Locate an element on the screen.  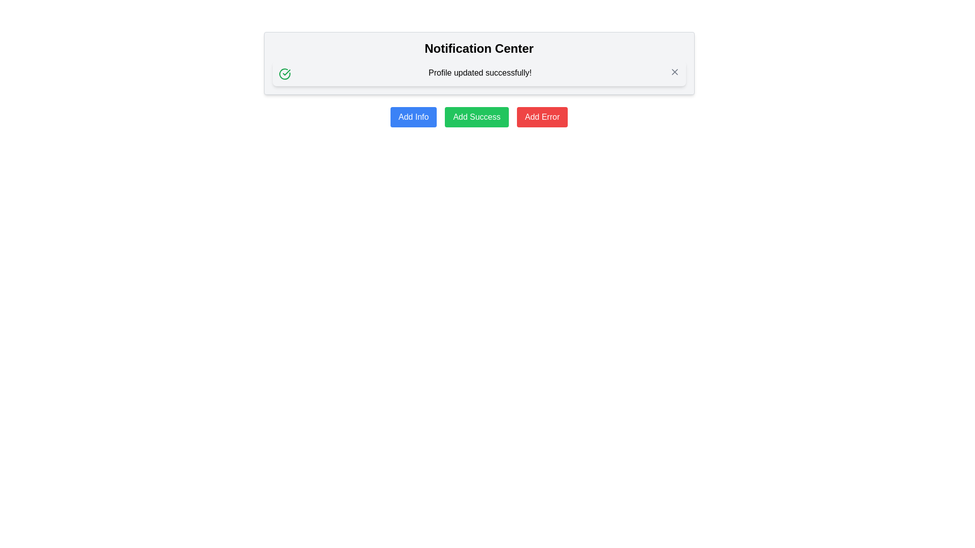
notification text displayed in the Notification bar located in the Notification Center, which confirms the success of updating a profile is located at coordinates (478, 73).